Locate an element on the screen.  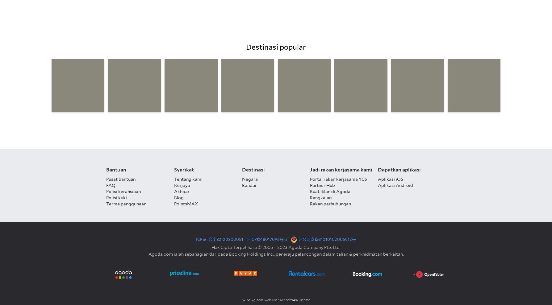
'PointsMAX' is located at coordinates (186, 204).